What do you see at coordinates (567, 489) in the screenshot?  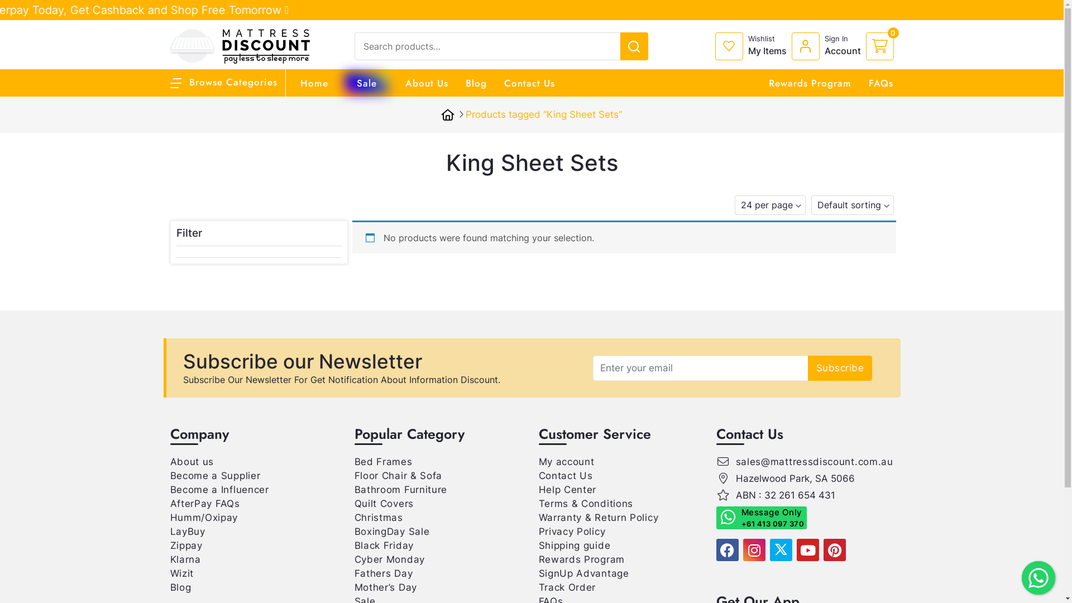 I see `'Help Center'` at bounding box center [567, 489].